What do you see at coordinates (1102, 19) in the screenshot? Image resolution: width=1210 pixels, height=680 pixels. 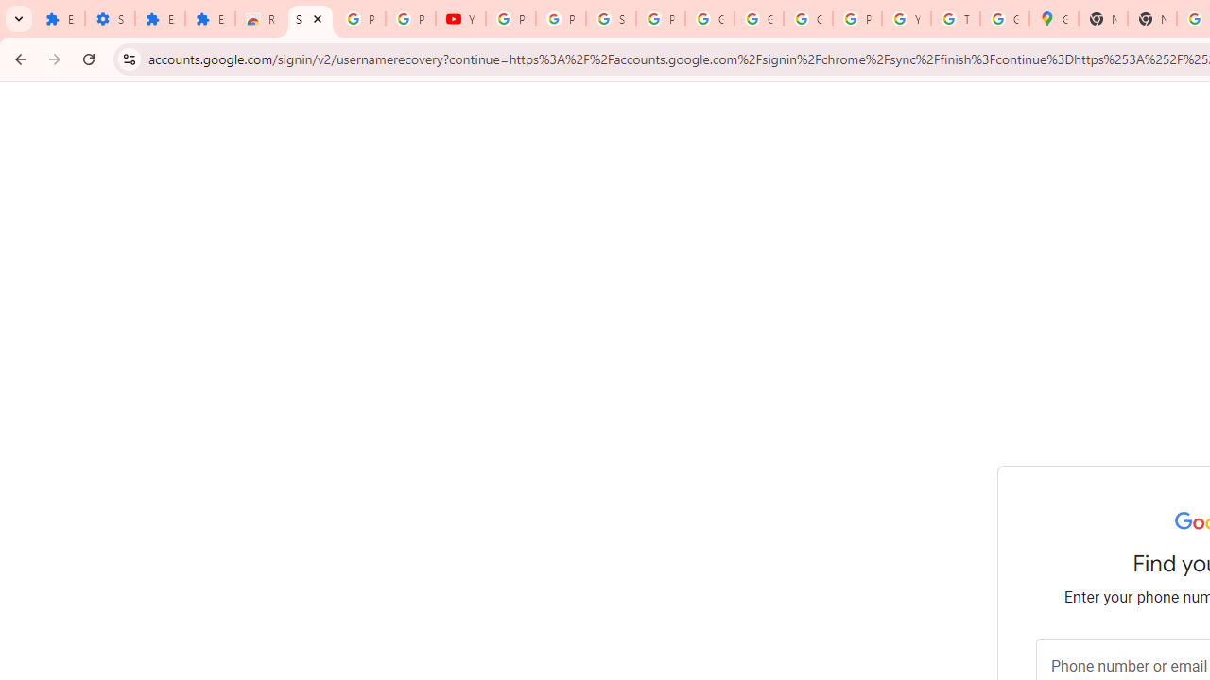 I see `'New Tab'` at bounding box center [1102, 19].